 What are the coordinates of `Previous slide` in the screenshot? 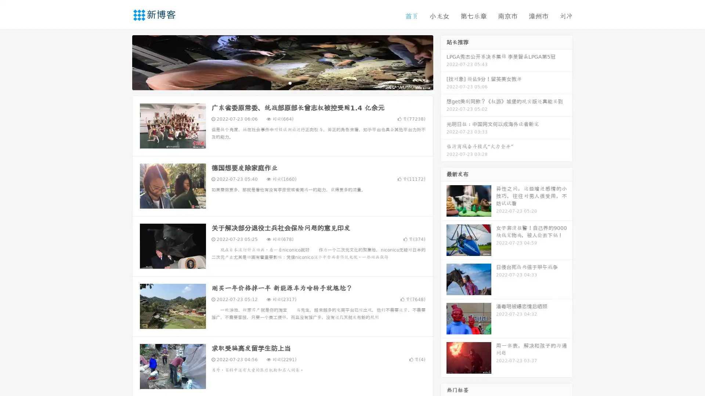 It's located at (121, 62).